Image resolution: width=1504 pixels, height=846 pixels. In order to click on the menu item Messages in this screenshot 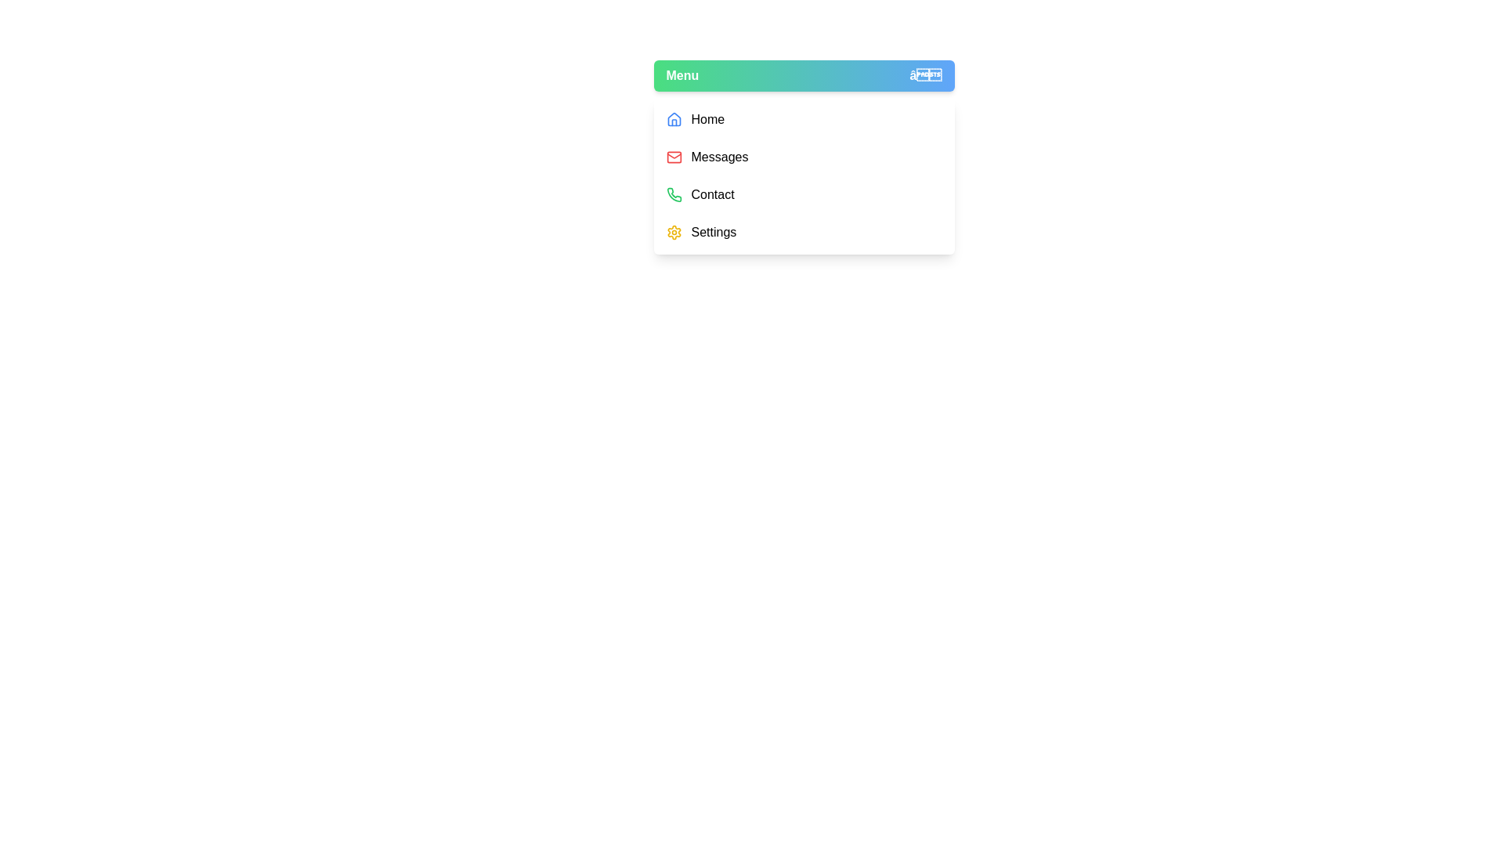, I will do `click(804, 157)`.